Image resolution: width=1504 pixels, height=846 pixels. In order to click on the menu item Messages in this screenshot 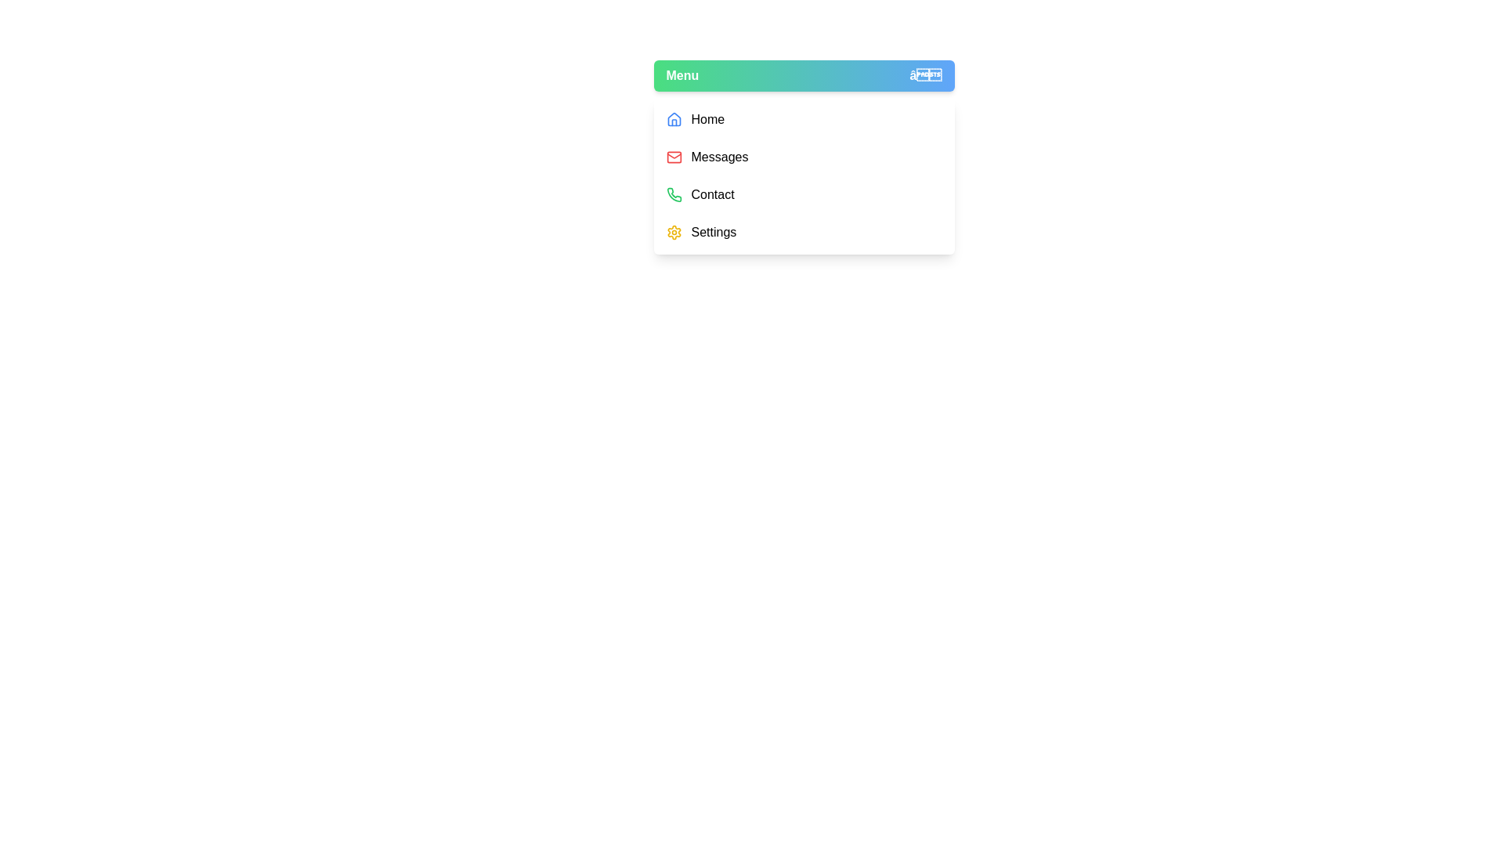, I will do `click(804, 157)`.